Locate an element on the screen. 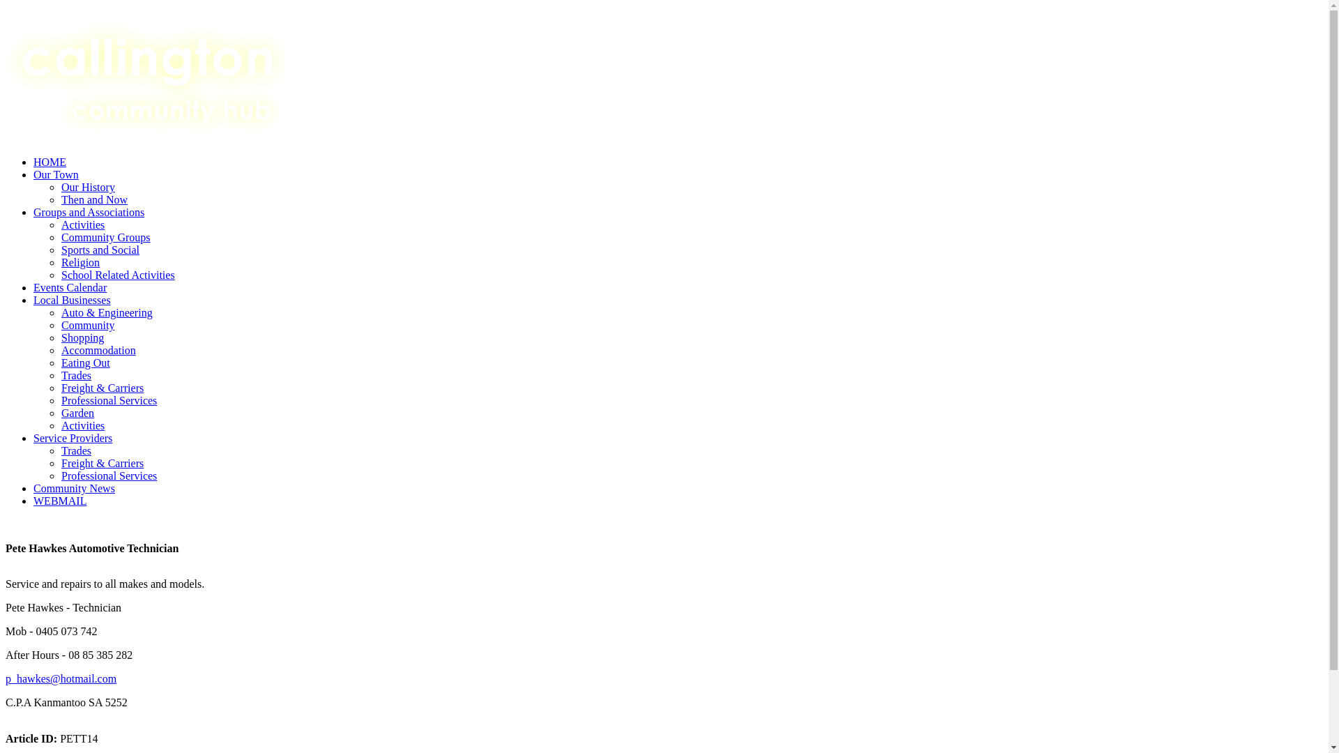  'Events Calendar' is located at coordinates (69, 287).